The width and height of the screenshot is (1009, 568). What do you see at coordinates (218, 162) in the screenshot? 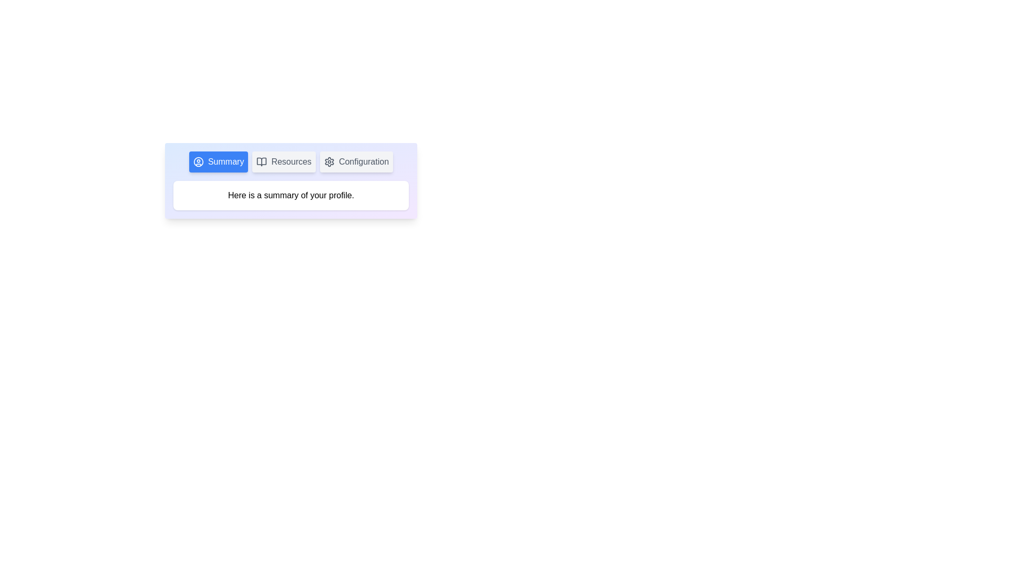
I see `the tab button labeled Summary to observe the hover effect` at bounding box center [218, 162].